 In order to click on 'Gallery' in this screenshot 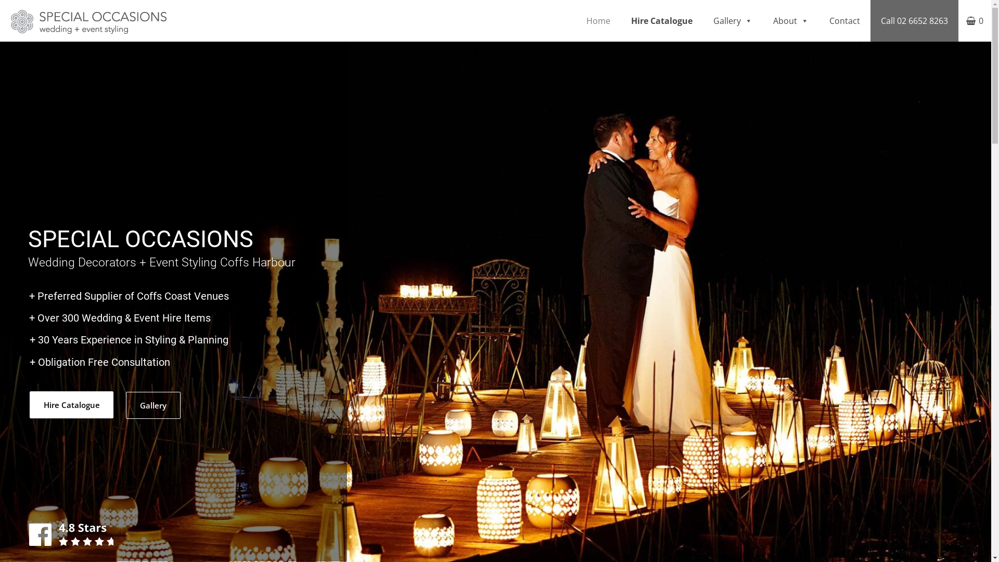, I will do `click(152, 405)`.